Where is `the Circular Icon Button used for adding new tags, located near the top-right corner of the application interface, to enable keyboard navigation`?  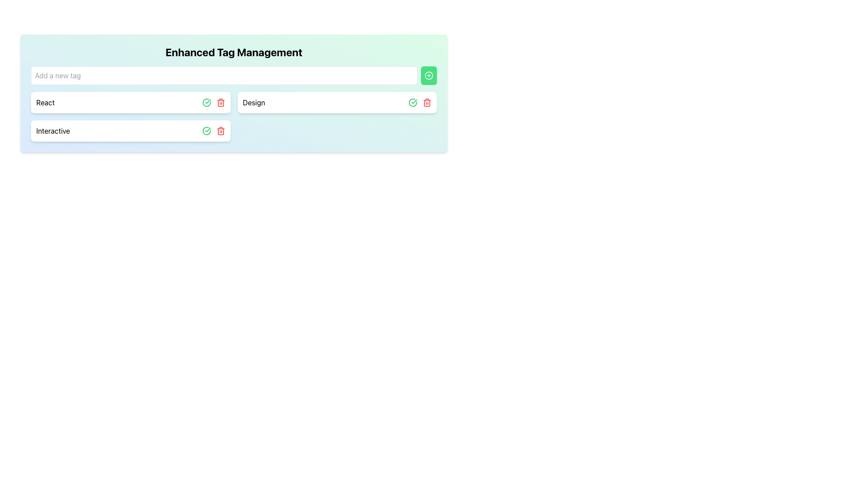
the Circular Icon Button used for adding new tags, located near the top-right corner of the application interface, to enable keyboard navigation is located at coordinates (429, 75).